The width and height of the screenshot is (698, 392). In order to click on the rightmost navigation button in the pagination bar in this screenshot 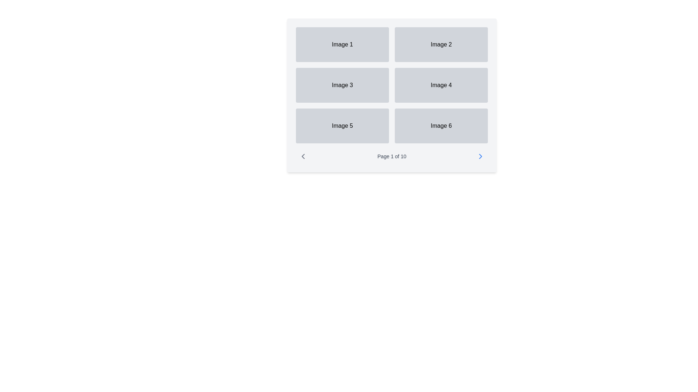, I will do `click(480, 156)`.